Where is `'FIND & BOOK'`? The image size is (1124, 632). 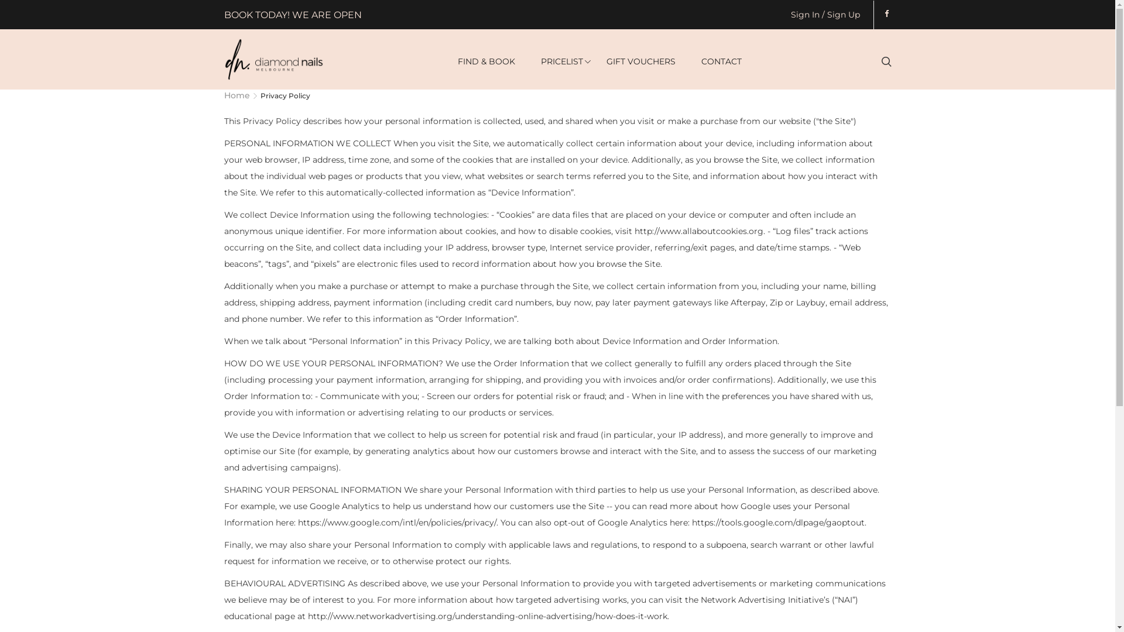
'FIND & BOOK' is located at coordinates (486, 61).